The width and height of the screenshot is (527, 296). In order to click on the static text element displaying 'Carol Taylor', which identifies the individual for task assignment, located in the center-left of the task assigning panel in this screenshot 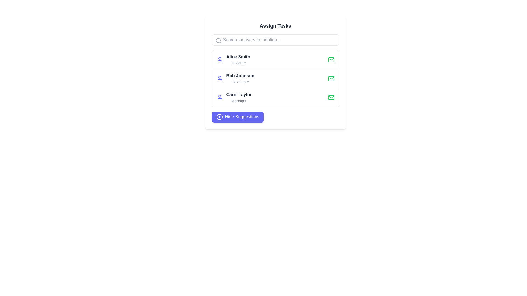, I will do `click(239, 95)`.